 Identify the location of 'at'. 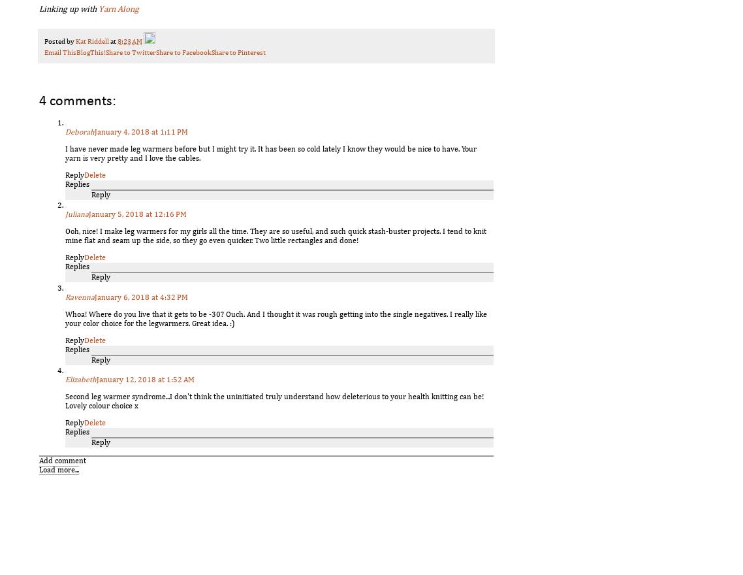
(113, 41).